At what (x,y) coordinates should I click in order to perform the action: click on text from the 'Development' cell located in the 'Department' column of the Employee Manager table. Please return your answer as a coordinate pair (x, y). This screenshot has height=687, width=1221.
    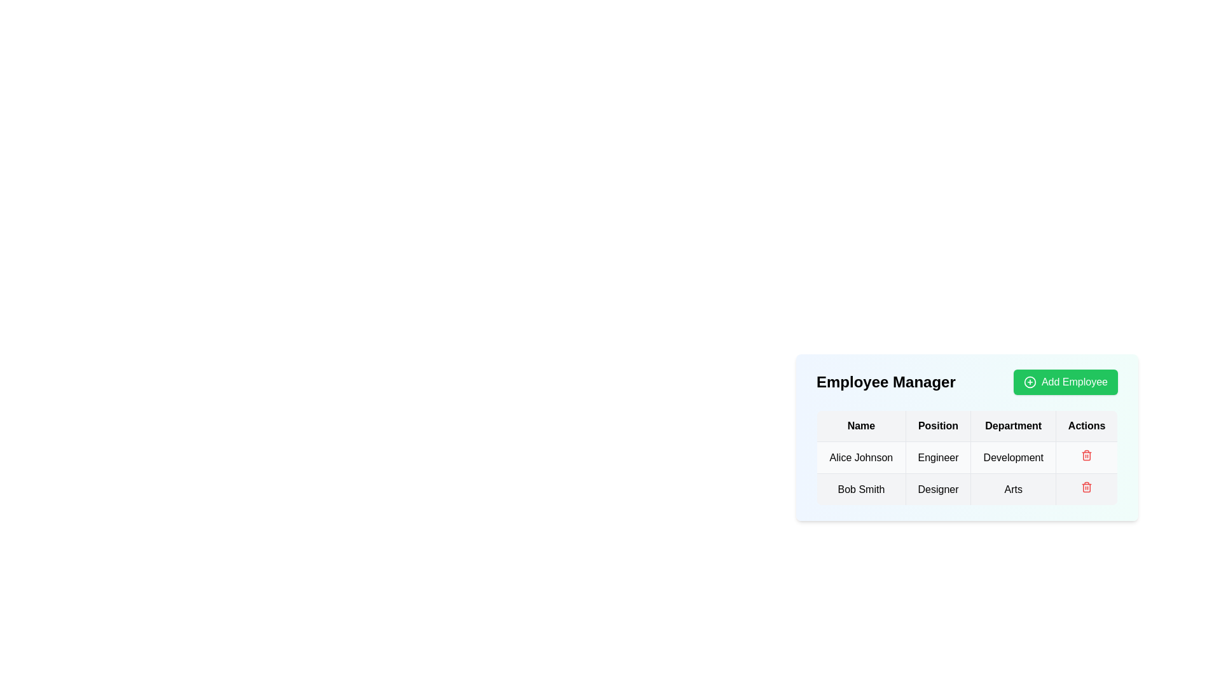
    Looking at the image, I should click on (1012, 457).